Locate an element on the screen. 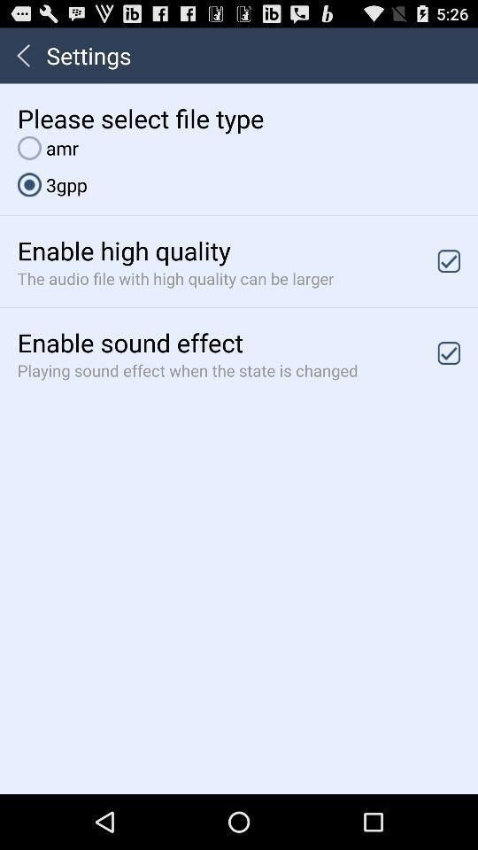 This screenshot has width=478, height=850. enable sound effect is located at coordinates (449, 352).